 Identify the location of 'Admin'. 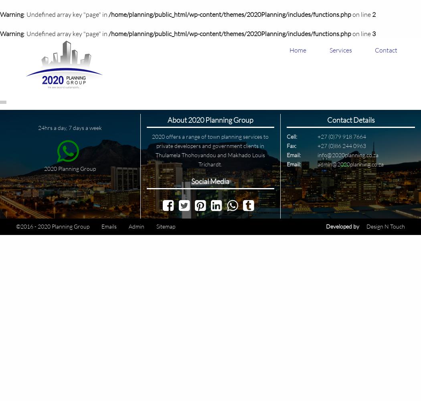
(136, 226).